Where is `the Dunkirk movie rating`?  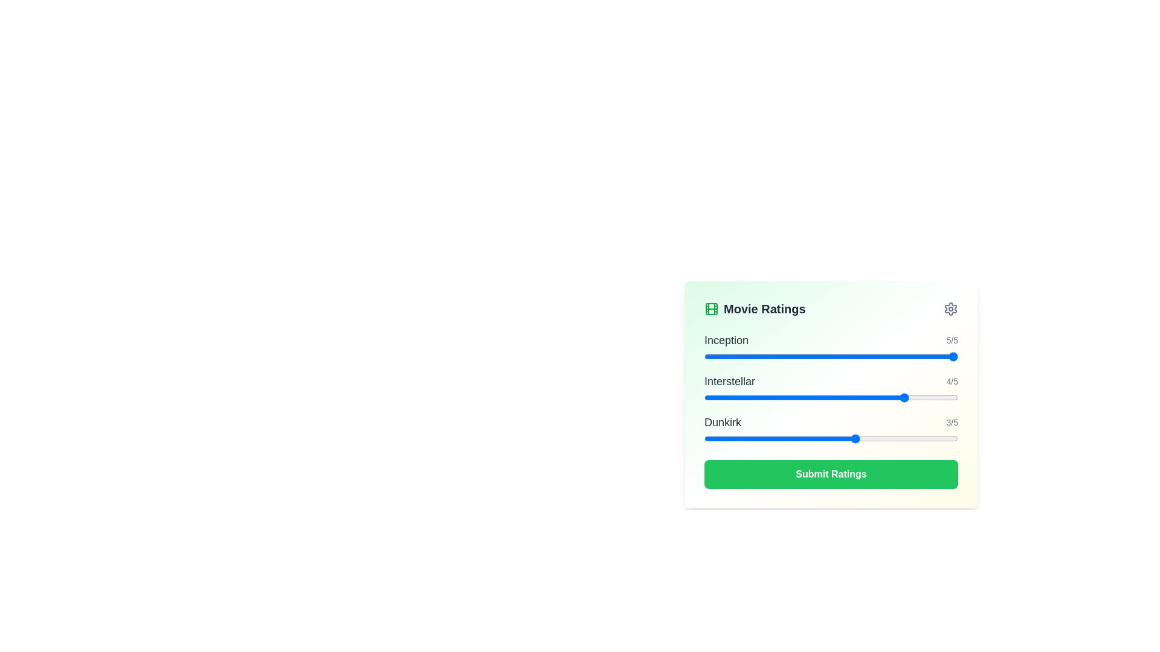 the Dunkirk movie rating is located at coordinates (907, 438).